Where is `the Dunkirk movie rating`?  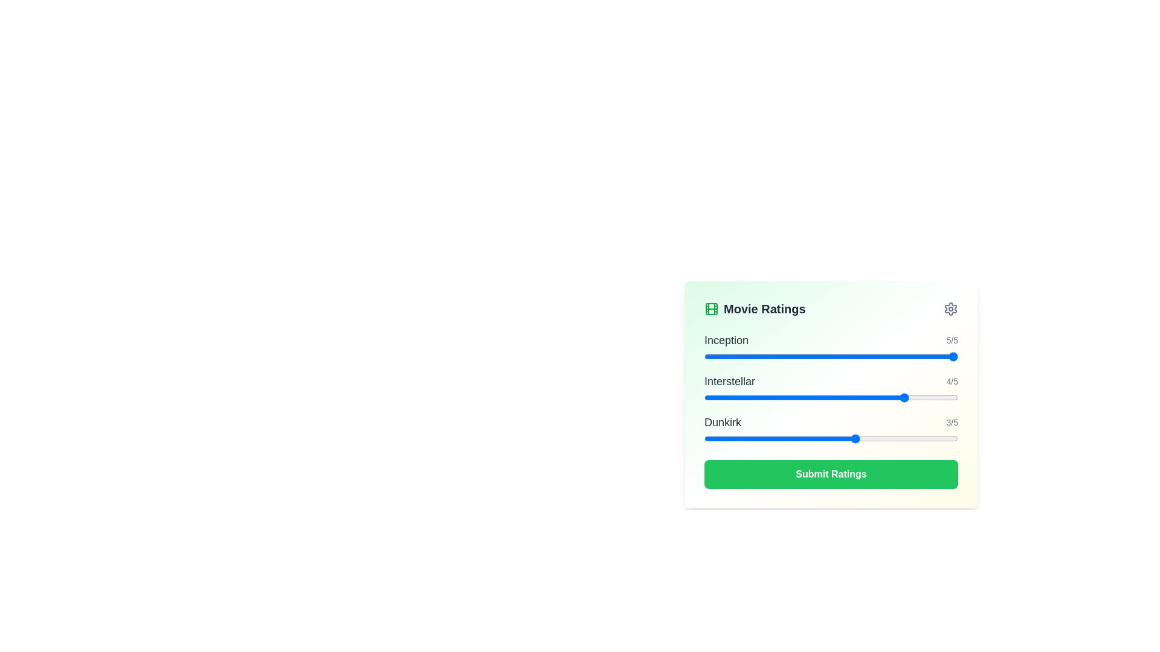 the Dunkirk movie rating is located at coordinates (907, 438).